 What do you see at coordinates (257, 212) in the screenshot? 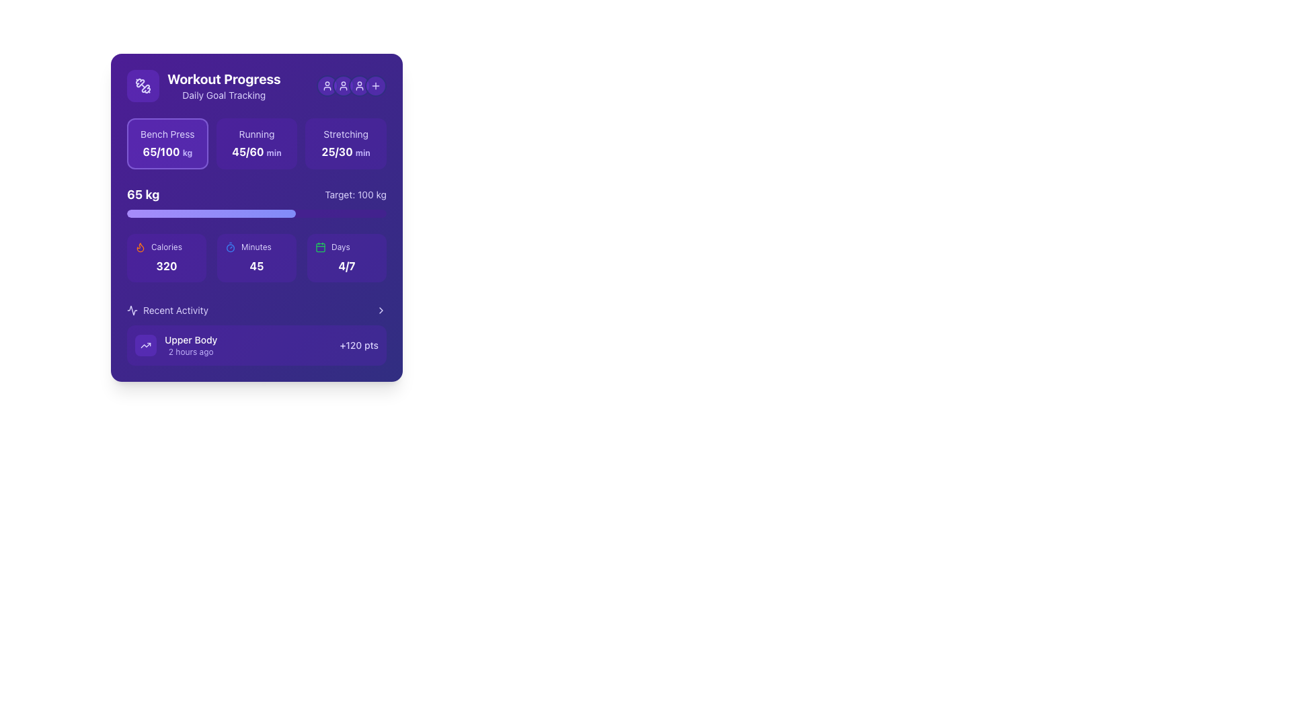
I see `the progress visually of the progress bar located centrally below the text section displaying '65 kg' and 'Target: 100 kg'` at bounding box center [257, 212].